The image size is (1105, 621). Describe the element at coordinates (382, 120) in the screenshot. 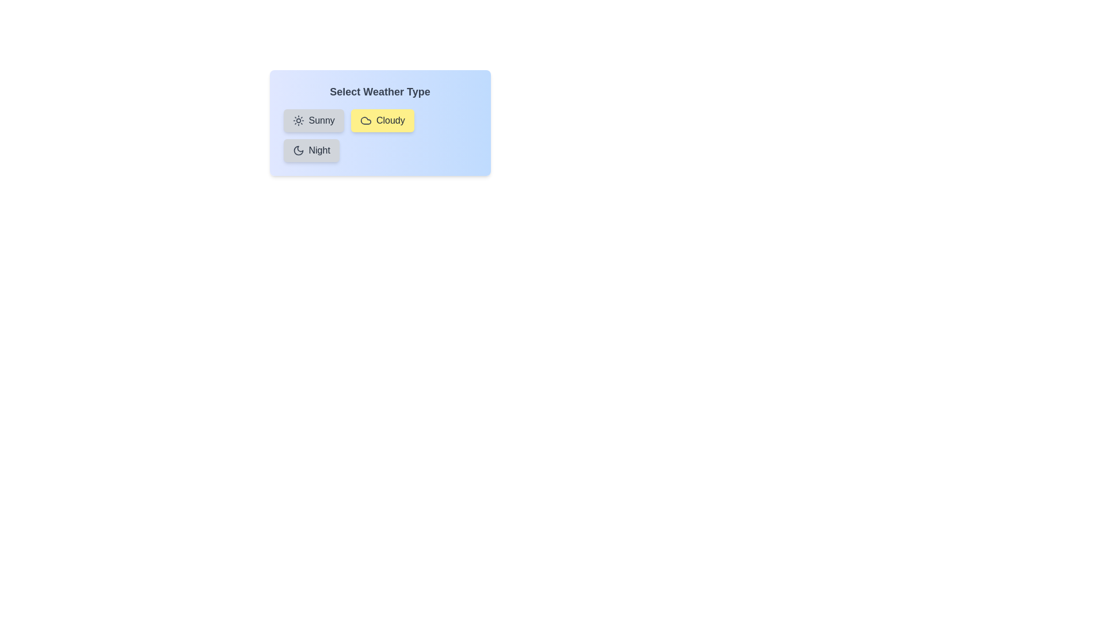

I see `the weather type Cloudy by clicking on its chip` at that location.